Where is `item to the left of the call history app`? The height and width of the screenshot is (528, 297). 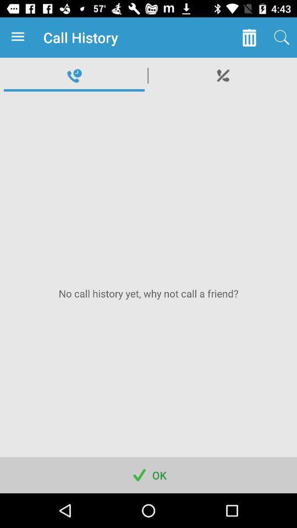 item to the left of the call history app is located at coordinates (20, 37).